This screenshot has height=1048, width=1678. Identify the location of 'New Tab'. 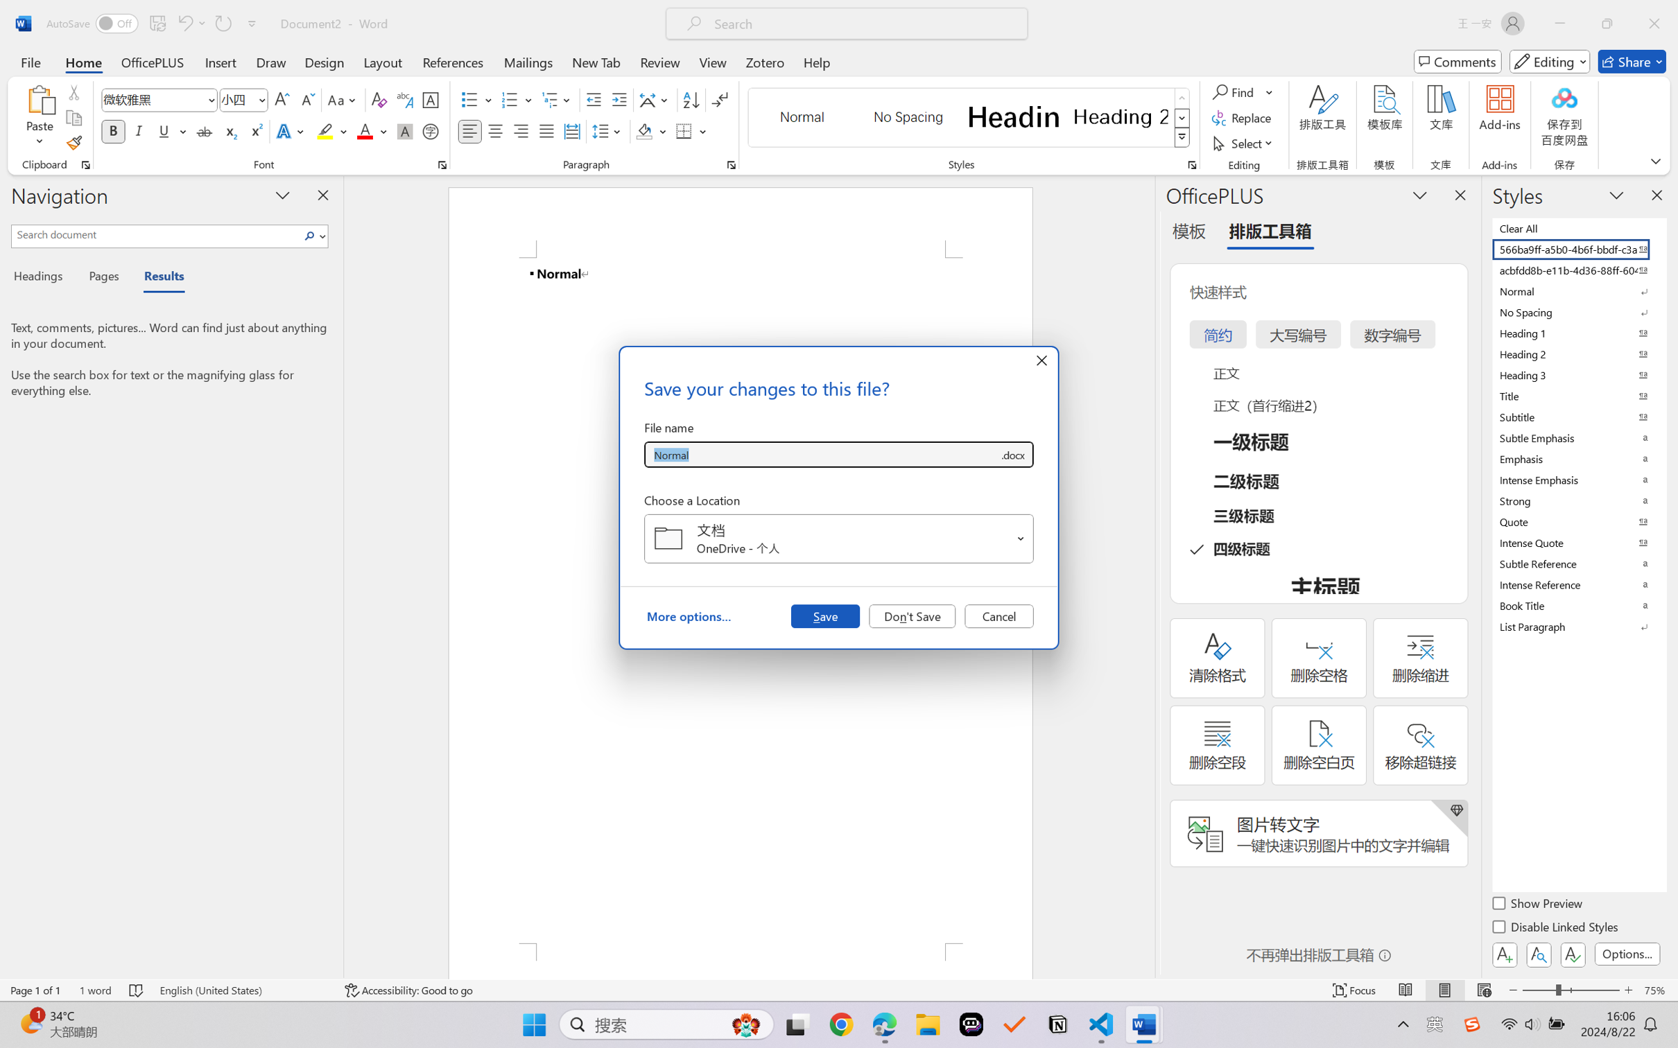
(596, 61).